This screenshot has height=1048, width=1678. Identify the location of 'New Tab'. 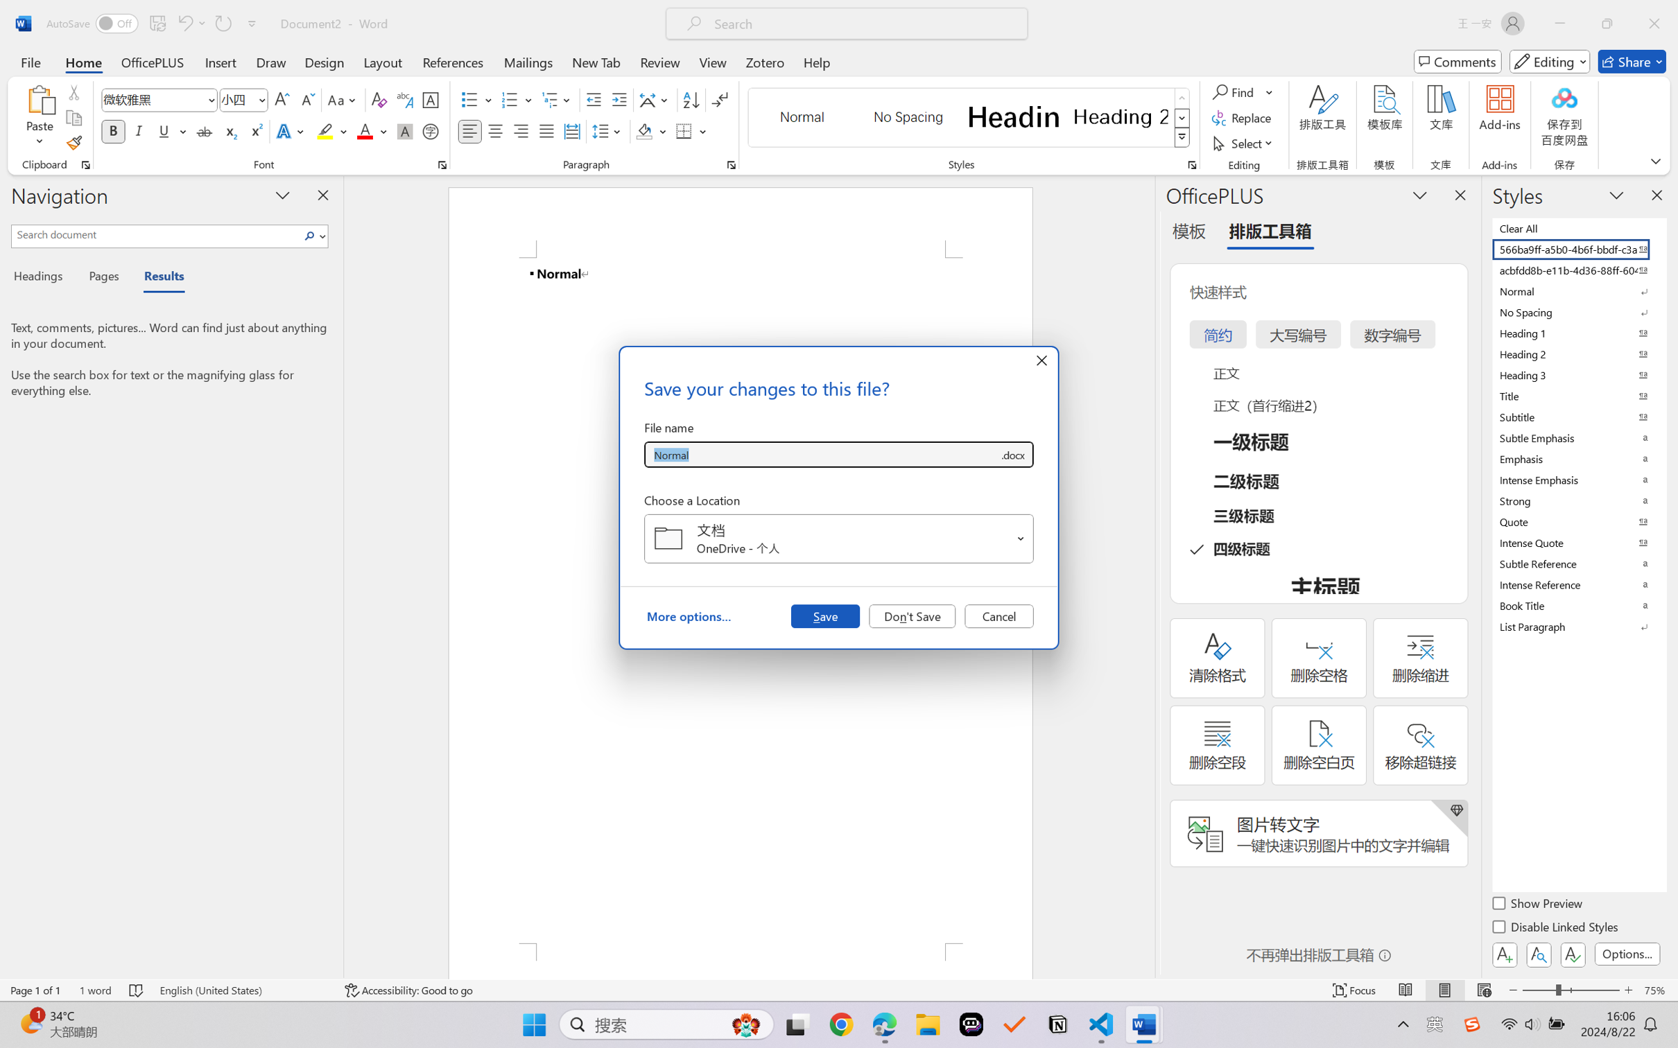
(596, 61).